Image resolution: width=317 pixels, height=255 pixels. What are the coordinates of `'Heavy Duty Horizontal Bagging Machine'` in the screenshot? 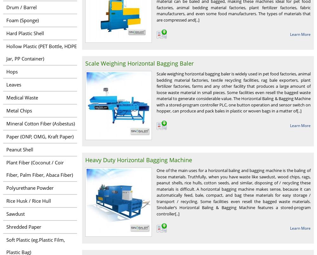 It's located at (139, 160).